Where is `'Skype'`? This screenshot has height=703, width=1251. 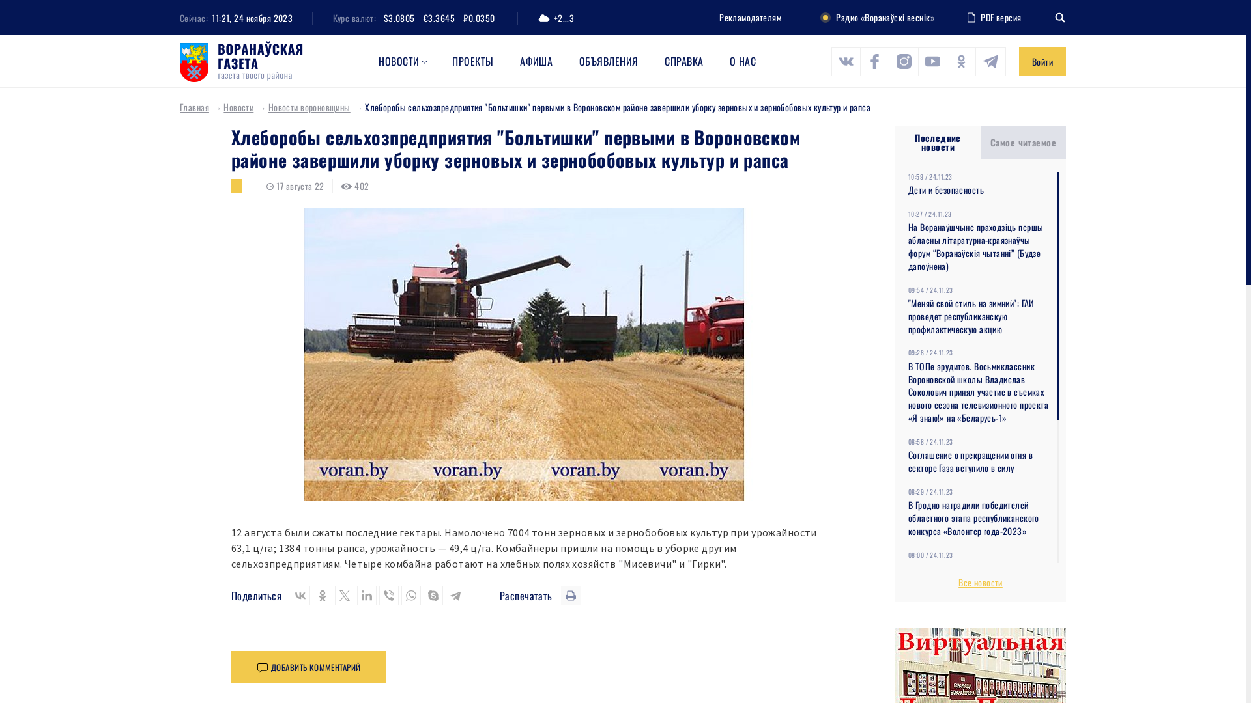 'Skype' is located at coordinates (433, 595).